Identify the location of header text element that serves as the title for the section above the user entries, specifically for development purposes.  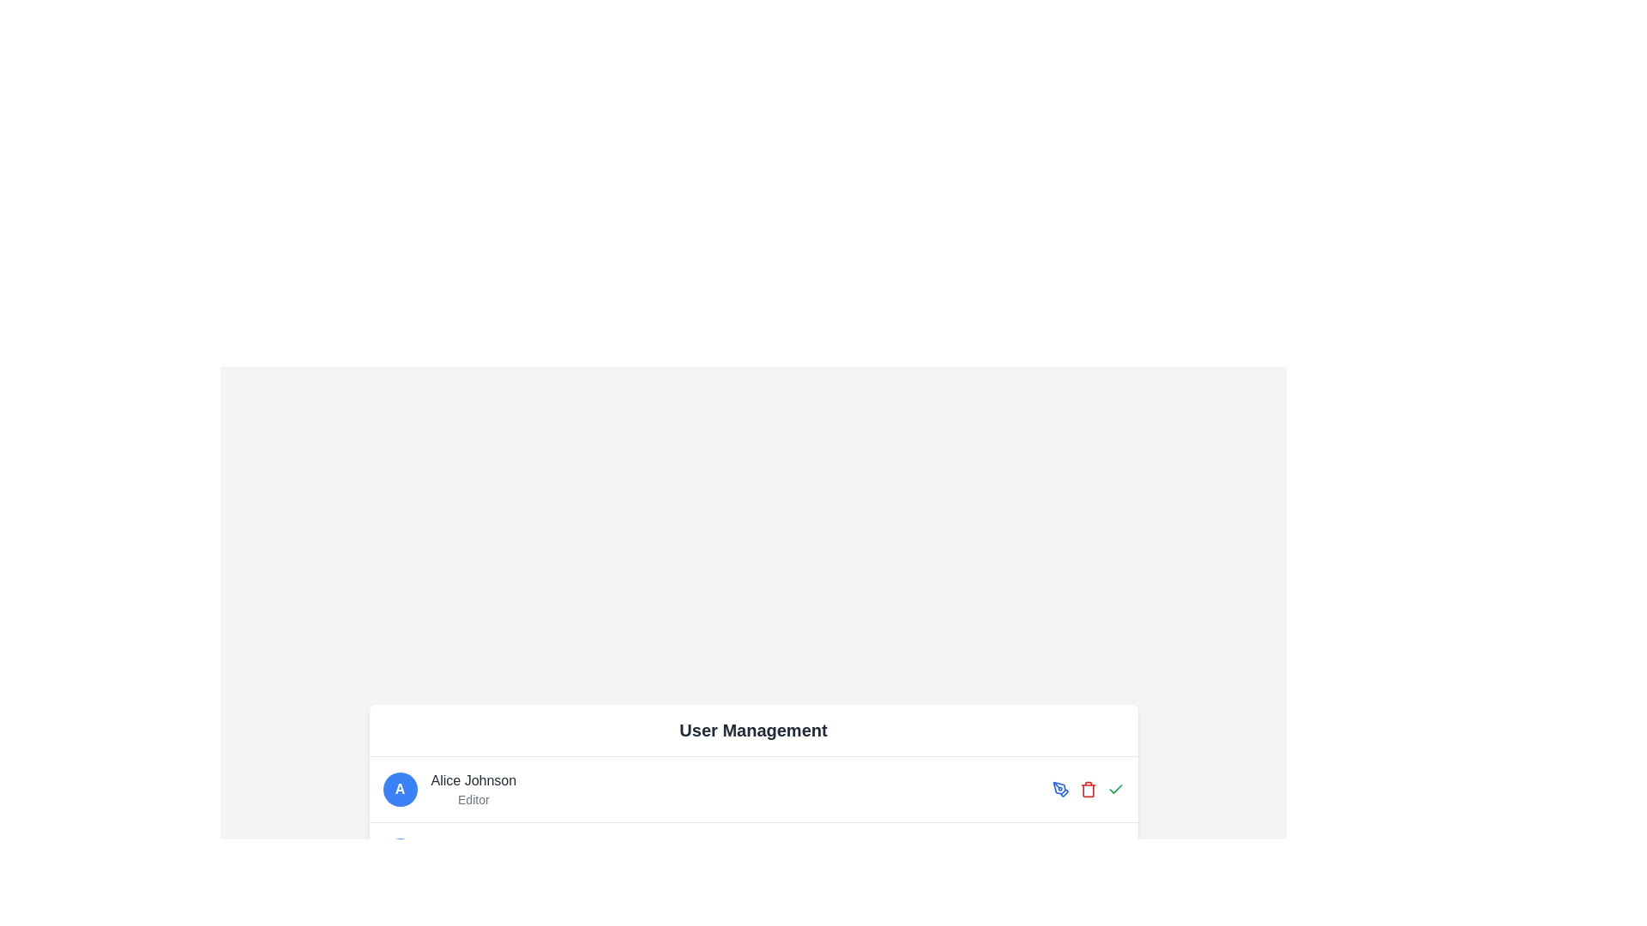
(753, 731).